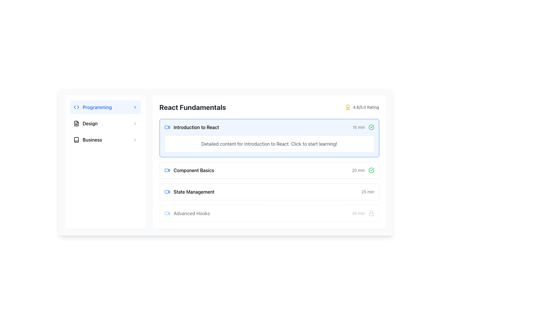 The image size is (558, 314). Describe the element at coordinates (187, 213) in the screenshot. I see `the 'Advanced Hooks' text with the blue video icon` at that location.